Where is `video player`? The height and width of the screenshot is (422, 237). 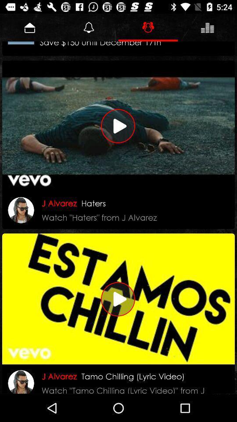
video player is located at coordinates (118, 125).